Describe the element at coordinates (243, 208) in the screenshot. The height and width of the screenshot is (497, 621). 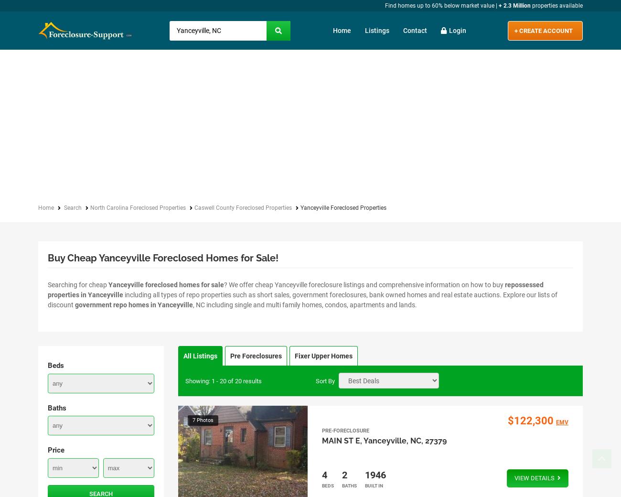
I see `'Caswell County Foreclosed Properties'` at that location.